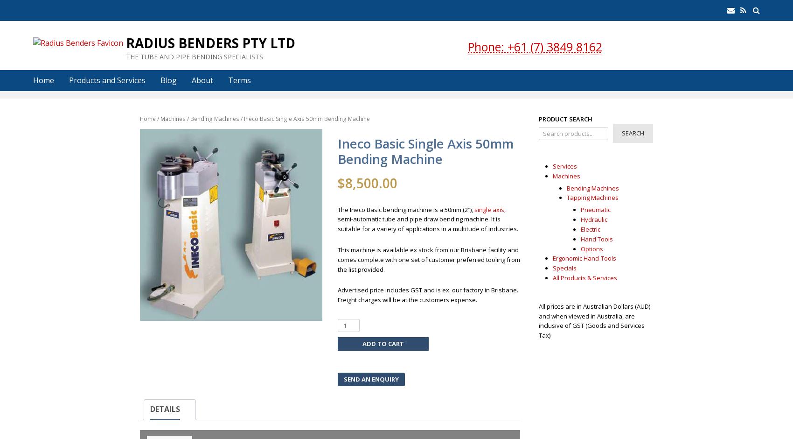 The height and width of the screenshot is (439, 793). I want to click on ', semi-automatic tube and pipe draw bending machine. It is suitable for a variety of applications in a multitude of industries.', so click(427, 218).